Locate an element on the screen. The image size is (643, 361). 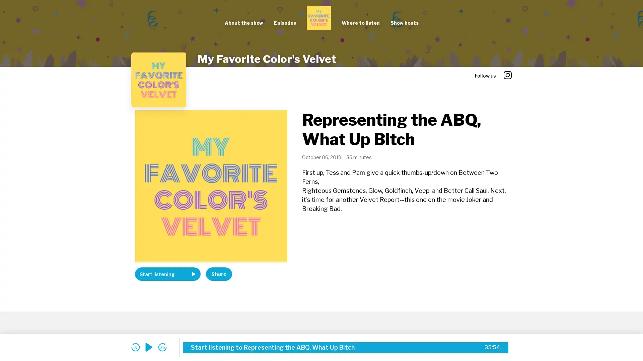
Share is located at coordinates (219, 274).